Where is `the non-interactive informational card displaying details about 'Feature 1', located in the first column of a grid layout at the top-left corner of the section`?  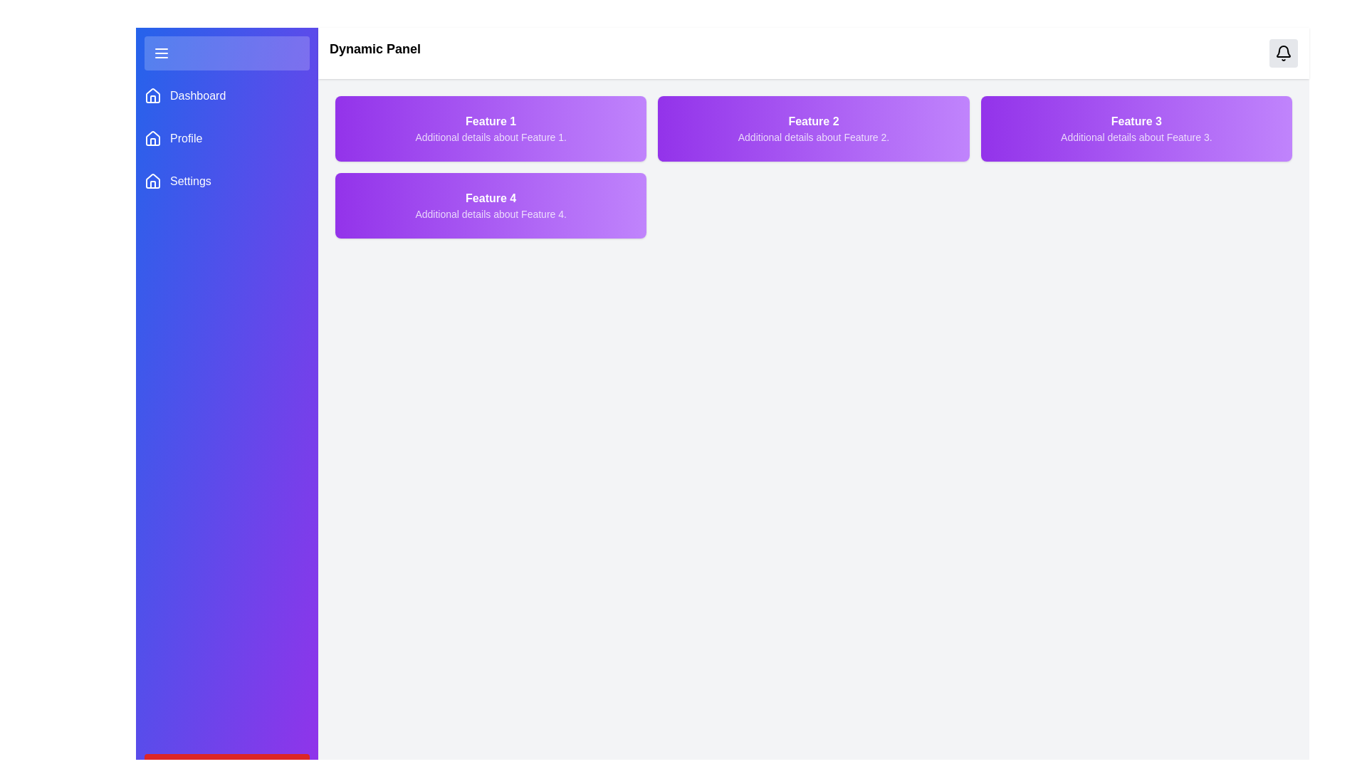 the non-interactive informational card displaying details about 'Feature 1', located in the first column of a grid layout at the top-left corner of the section is located at coordinates (491, 129).